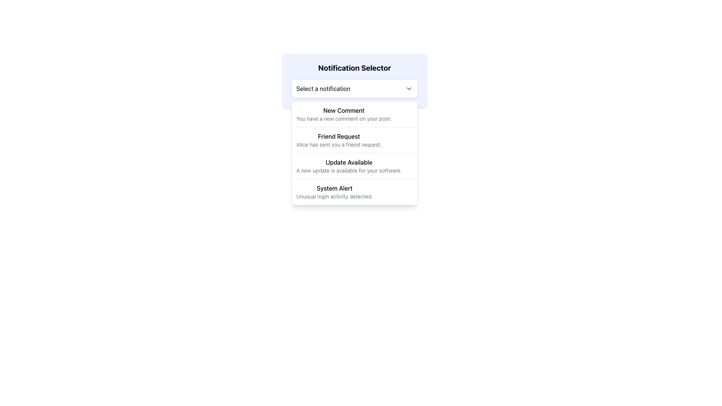  I want to click on the third entry in the notification list that provides information about an available update for the software, so click(354, 166).